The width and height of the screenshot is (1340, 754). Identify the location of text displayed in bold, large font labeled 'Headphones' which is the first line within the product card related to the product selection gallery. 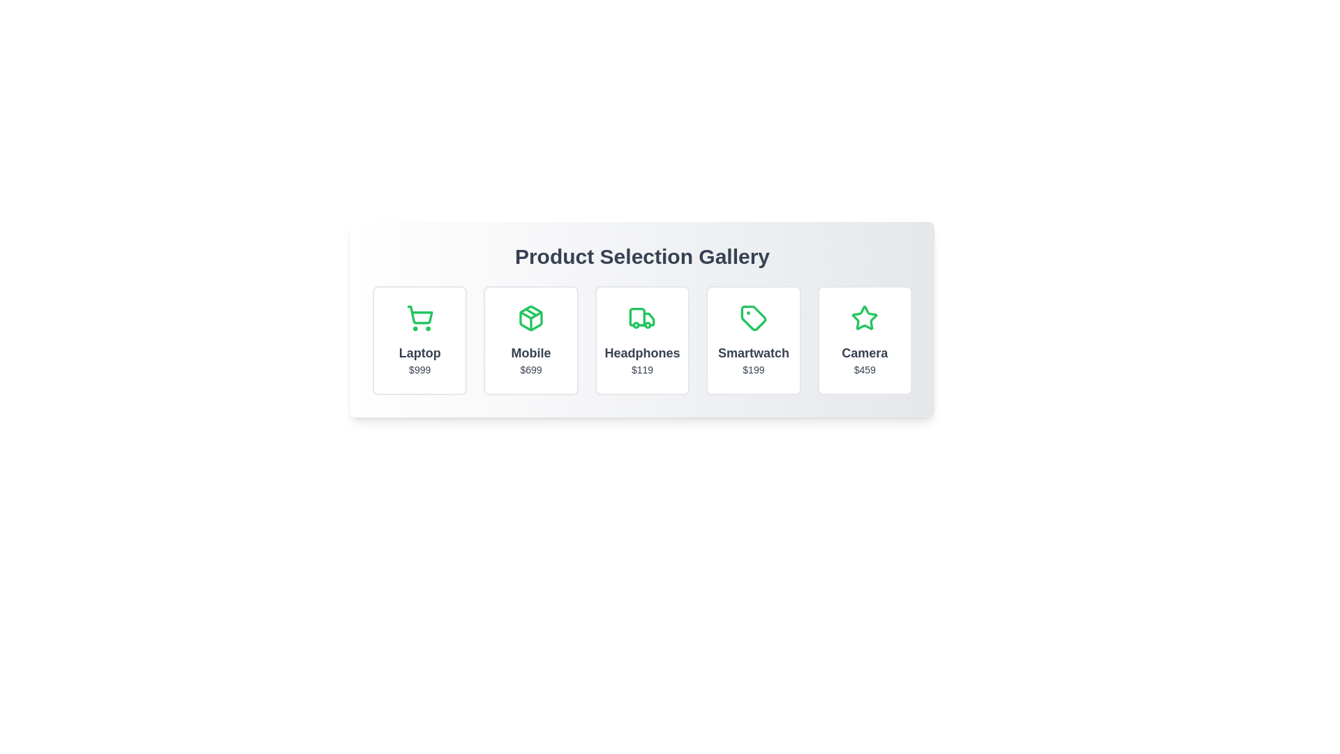
(641, 352).